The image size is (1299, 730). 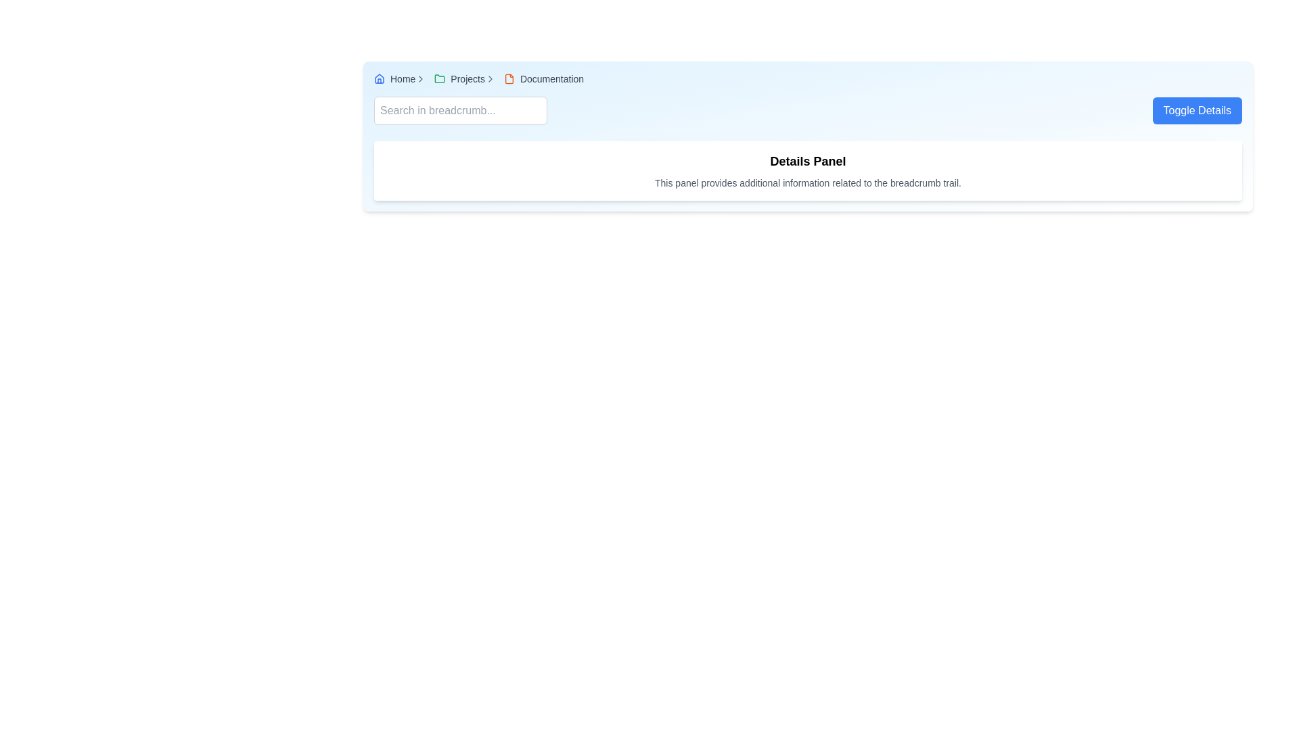 What do you see at coordinates (489, 78) in the screenshot?
I see `the chevron icon in the breadcrumb navigation bar, which is positioned after the text 'Projects' and the green folder icon` at bounding box center [489, 78].